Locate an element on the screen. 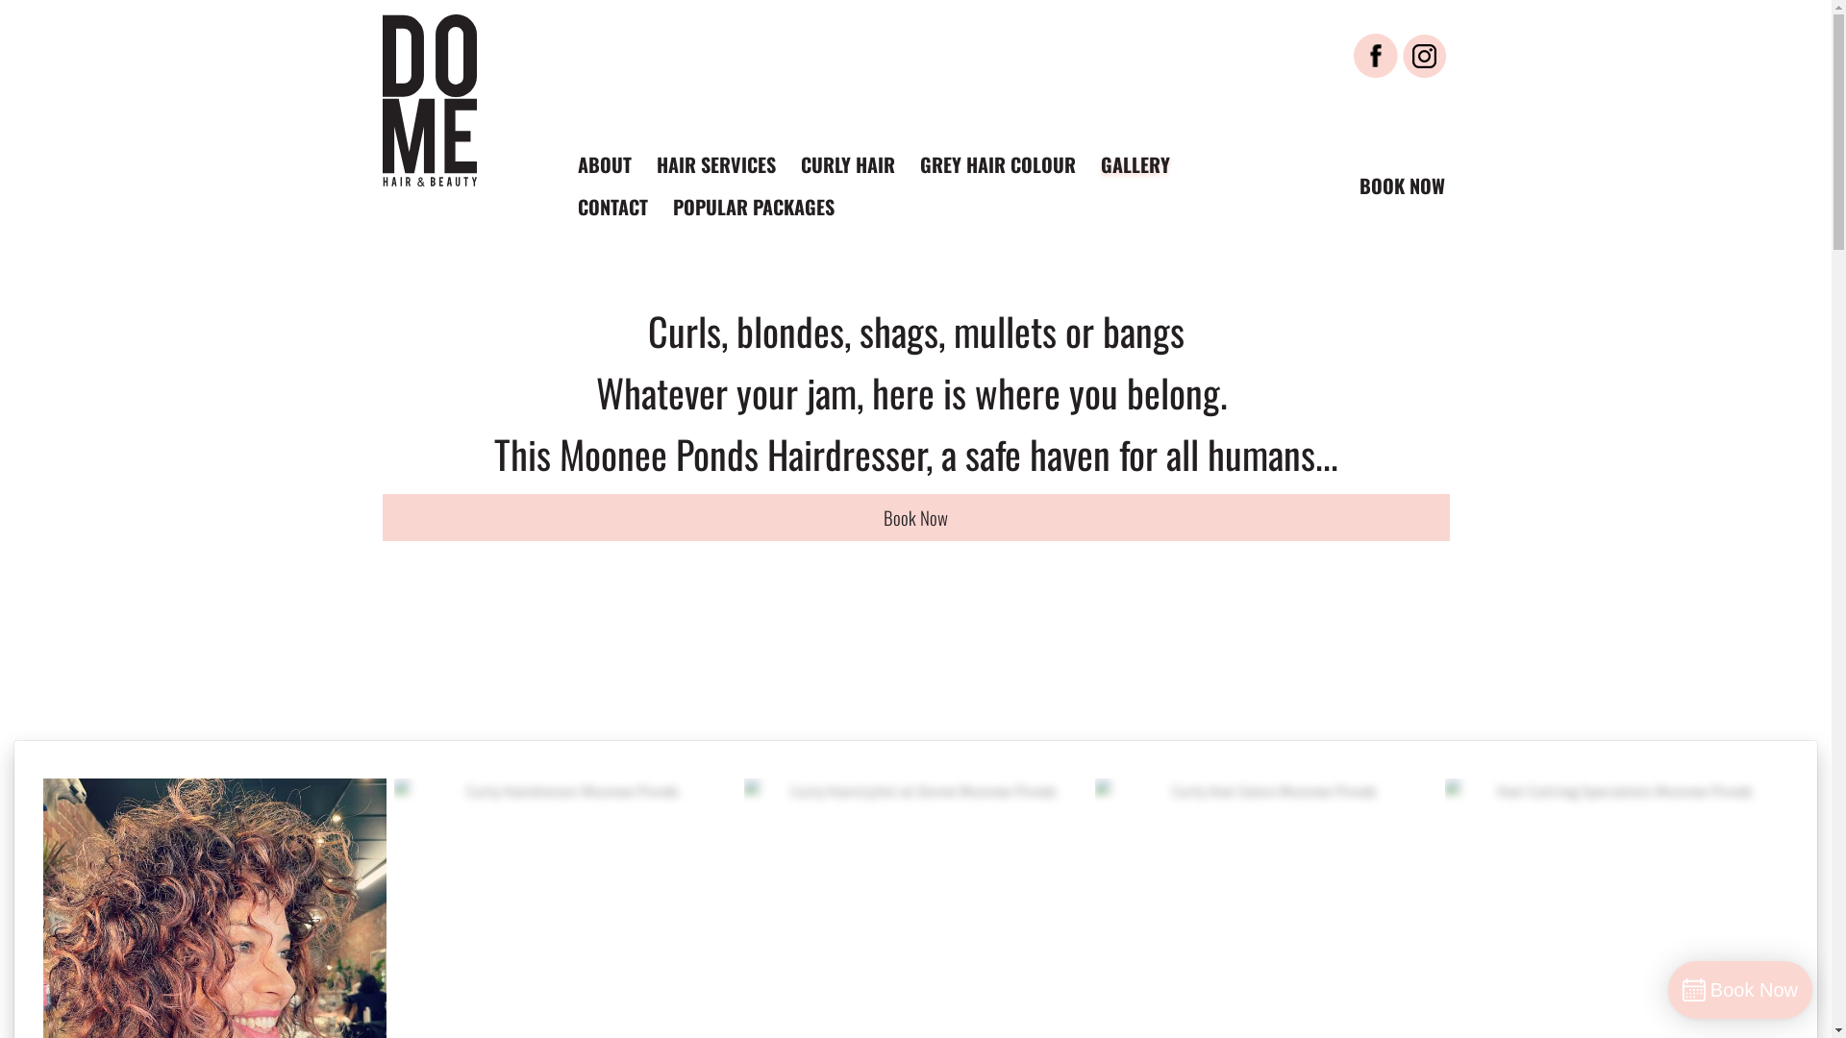 The width and height of the screenshot is (1846, 1038). 'GALLERY' is located at coordinates (1135, 162).